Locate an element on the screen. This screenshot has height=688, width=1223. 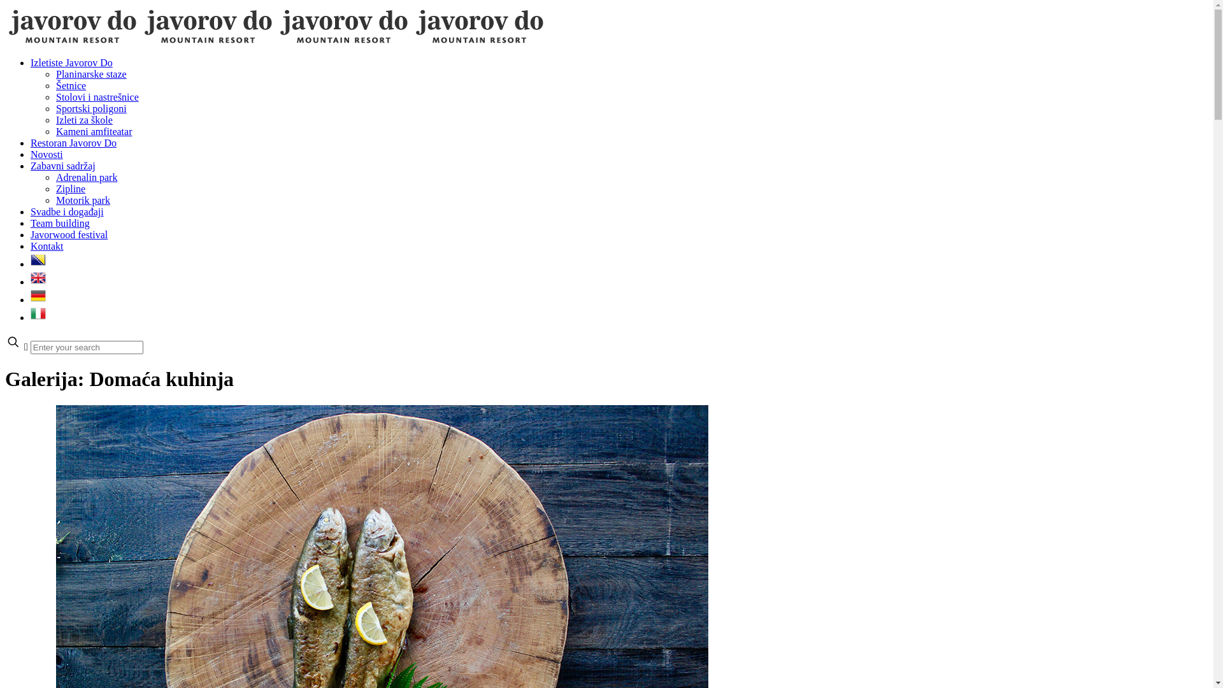
'Planinarske staze' is located at coordinates (55, 74).